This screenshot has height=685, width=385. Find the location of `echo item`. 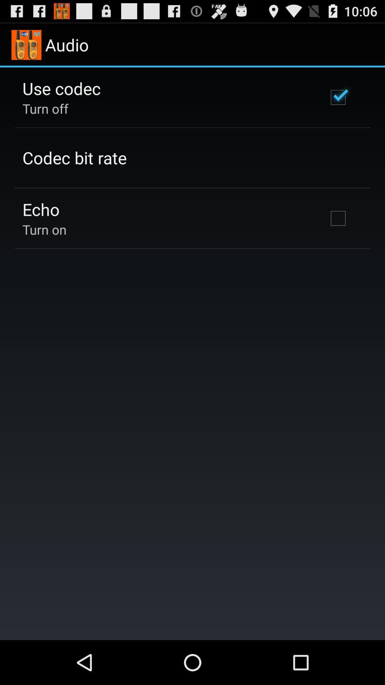

echo item is located at coordinates (41, 209).